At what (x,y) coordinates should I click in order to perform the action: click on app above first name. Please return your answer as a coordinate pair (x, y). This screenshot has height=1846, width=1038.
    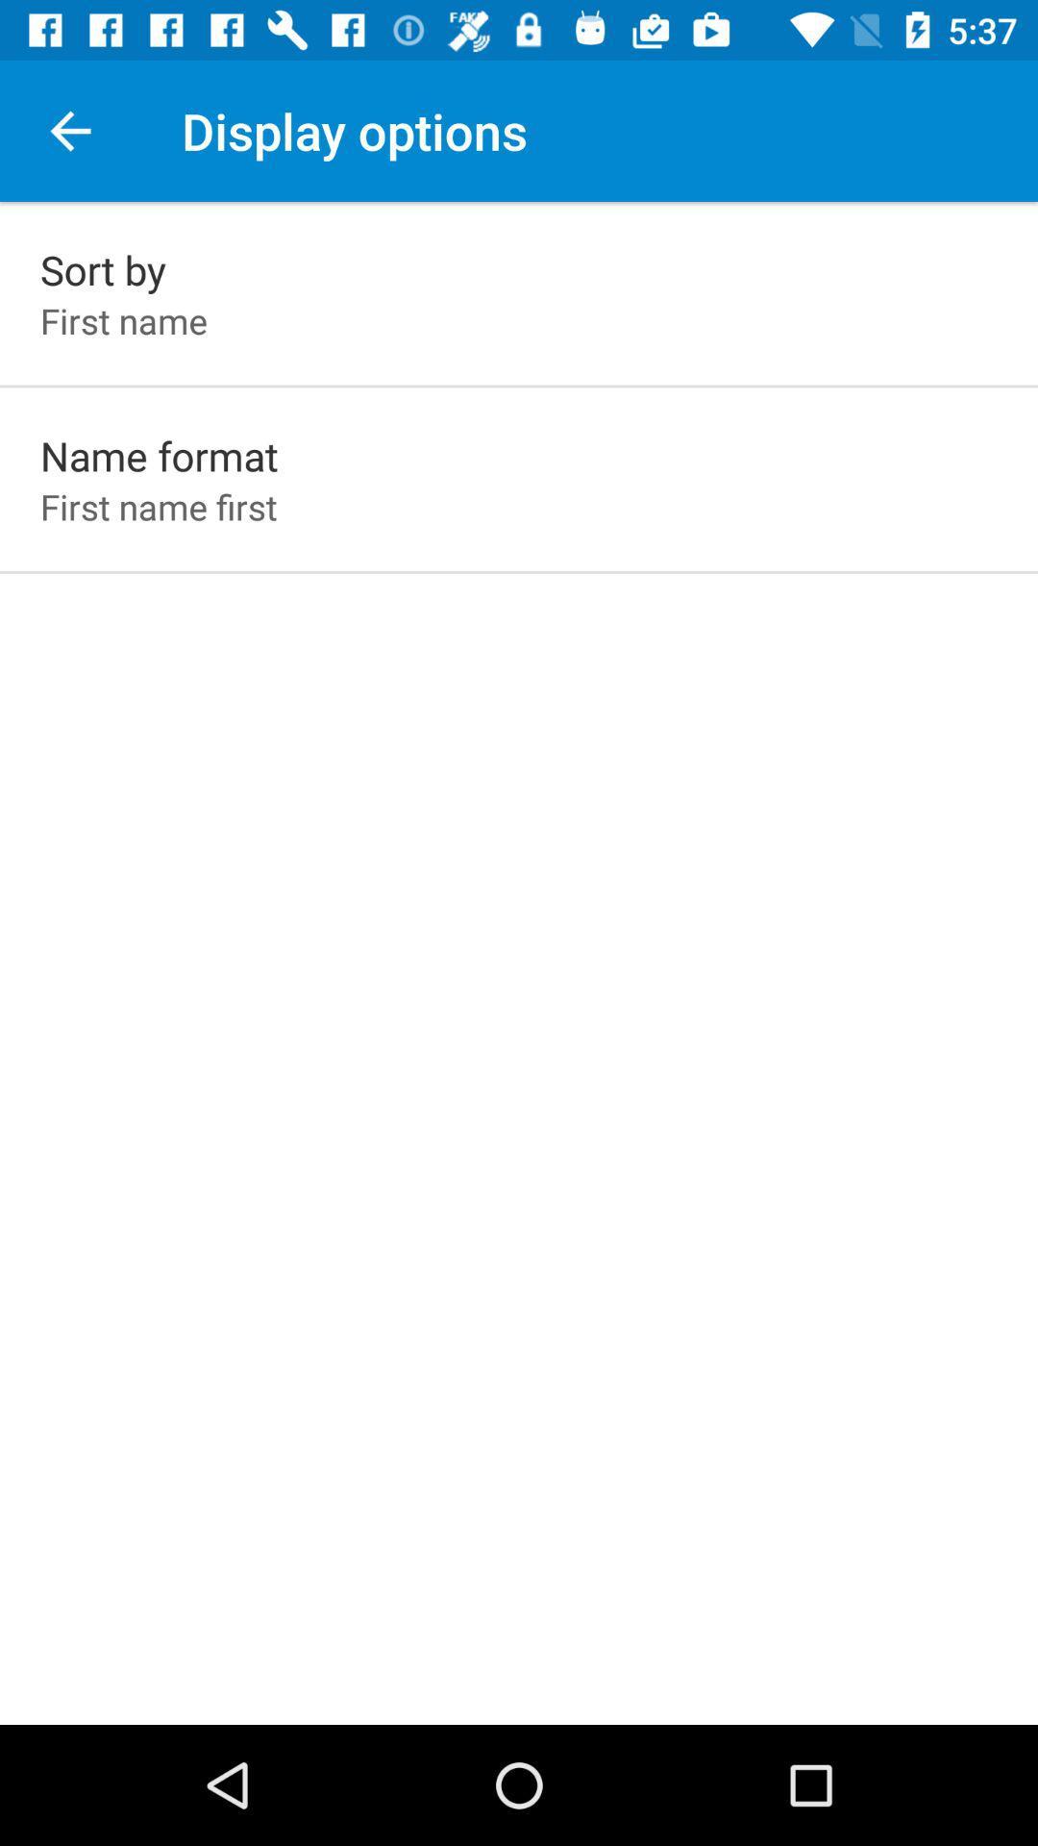
    Looking at the image, I should click on (103, 268).